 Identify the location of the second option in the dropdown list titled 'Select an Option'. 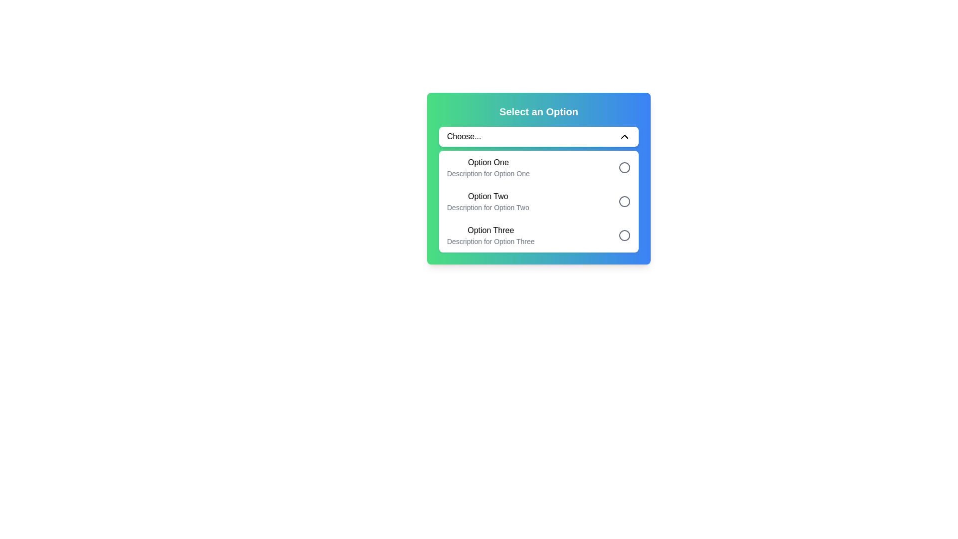
(538, 190).